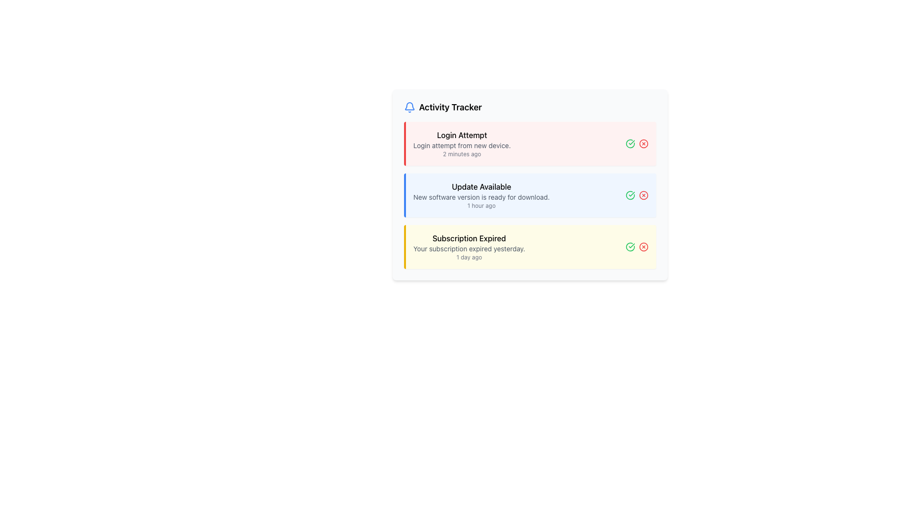  Describe the element at coordinates (469, 248) in the screenshot. I see `the text element providing details about the expiration of the subscription, located in the yellow-background area of the Activity Tracker interface, below the 'Subscription Expired' headline and above the '1 day ago' timestamp` at that location.